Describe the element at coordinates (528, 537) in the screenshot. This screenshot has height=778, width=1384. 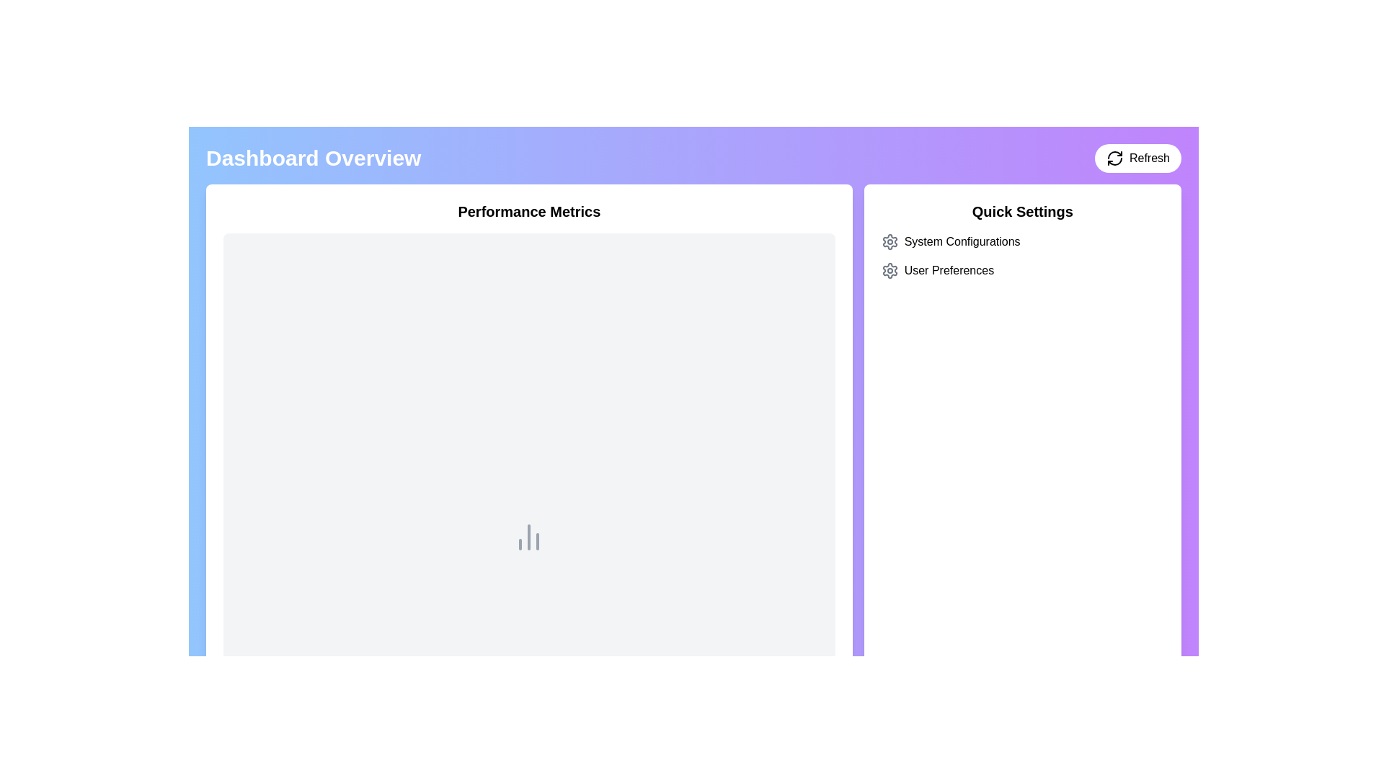
I see `the icon representing a bar chart located in the 'Performance Metrics' section of the interface` at that location.